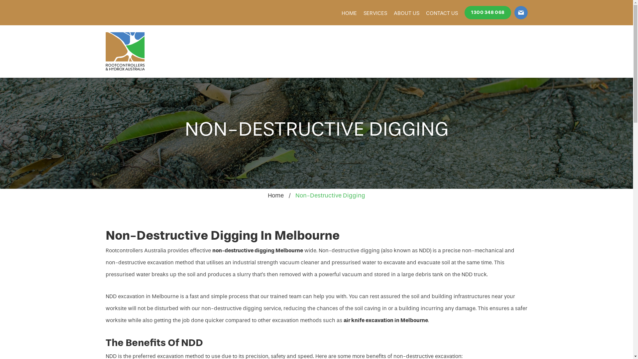 This screenshot has height=359, width=638. I want to click on 'CONTACT US', so click(442, 13).